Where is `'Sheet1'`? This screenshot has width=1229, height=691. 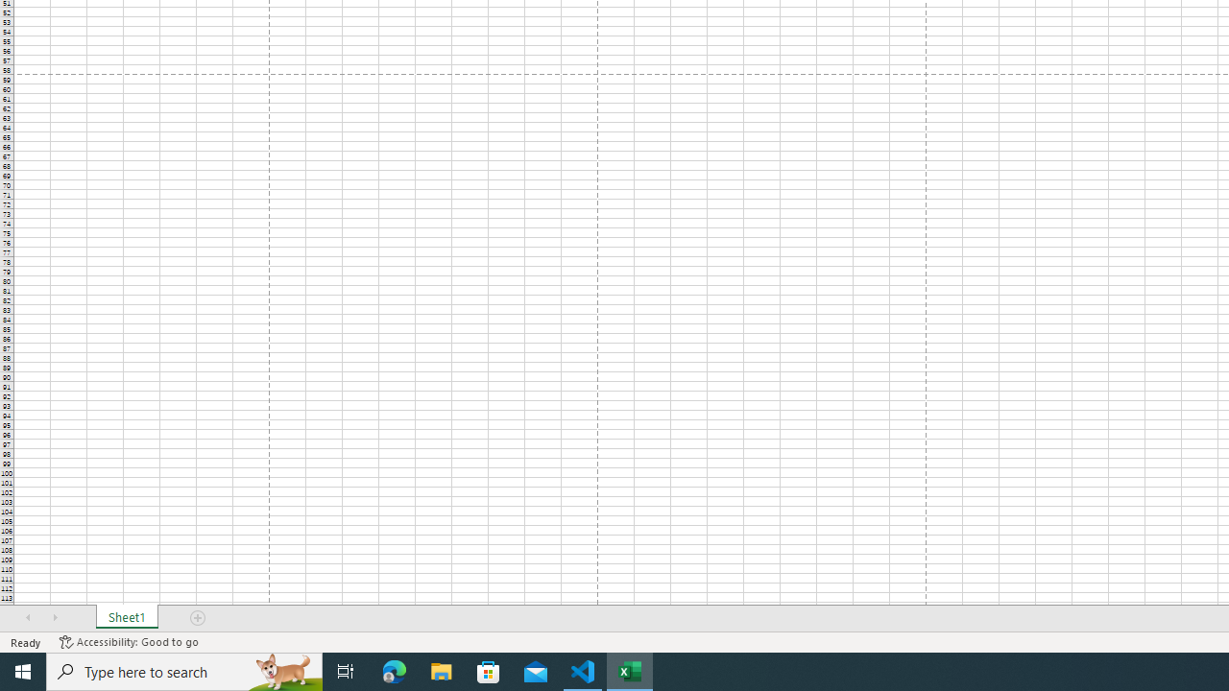
'Sheet1' is located at coordinates (126, 618).